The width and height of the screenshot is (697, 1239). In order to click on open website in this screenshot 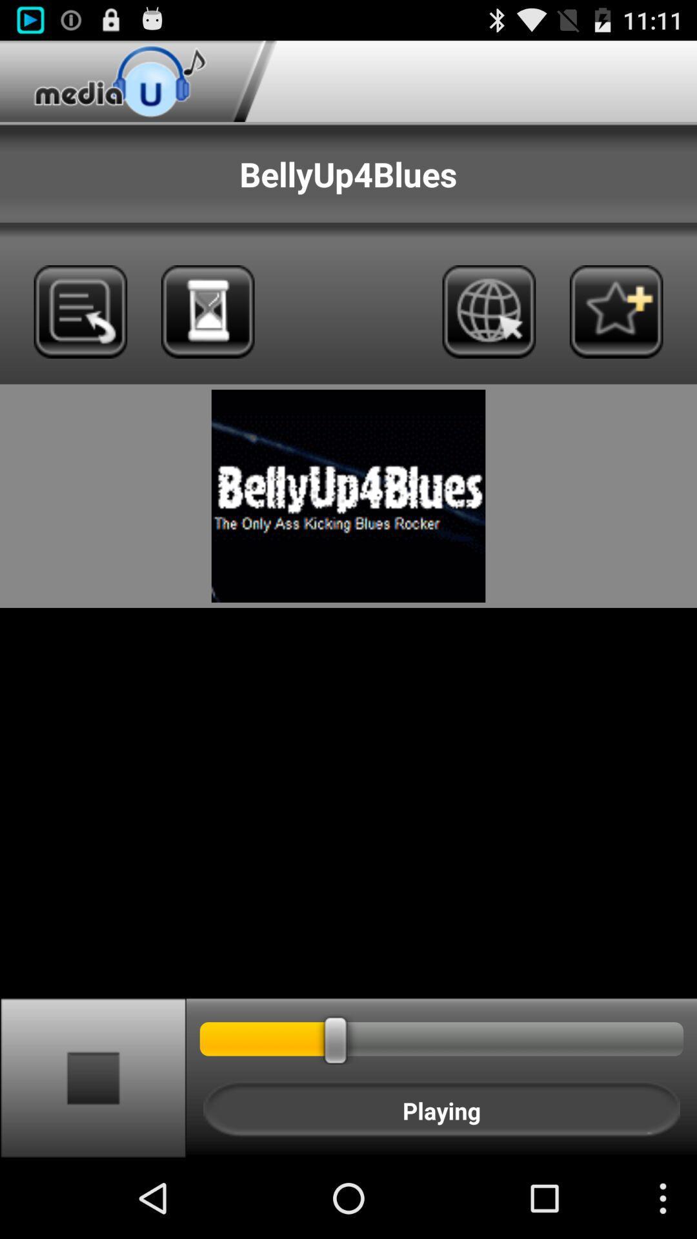, I will do `click(489, 312)`.